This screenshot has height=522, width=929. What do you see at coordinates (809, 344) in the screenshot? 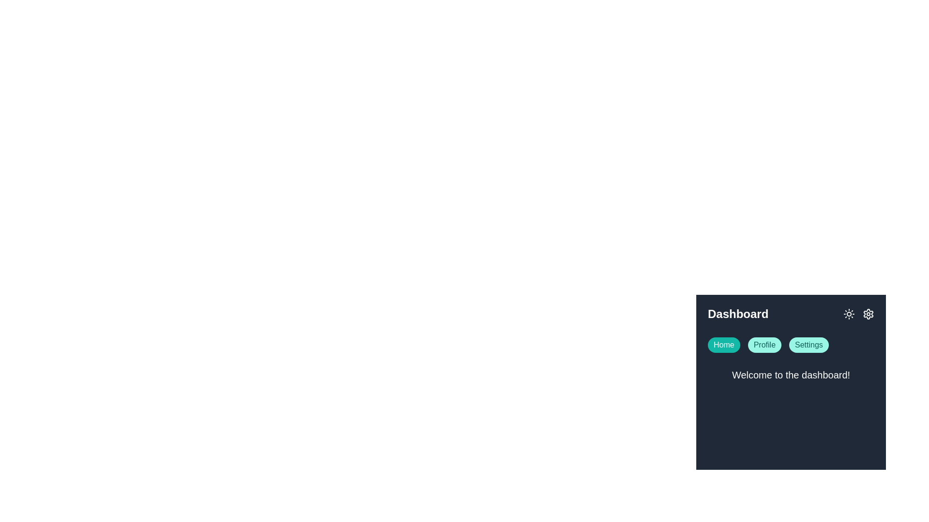
I see `the 'Settings' button, which is the third button in a horizontal row located in the top-right portion of the interface` at bounding box center [809, 344].